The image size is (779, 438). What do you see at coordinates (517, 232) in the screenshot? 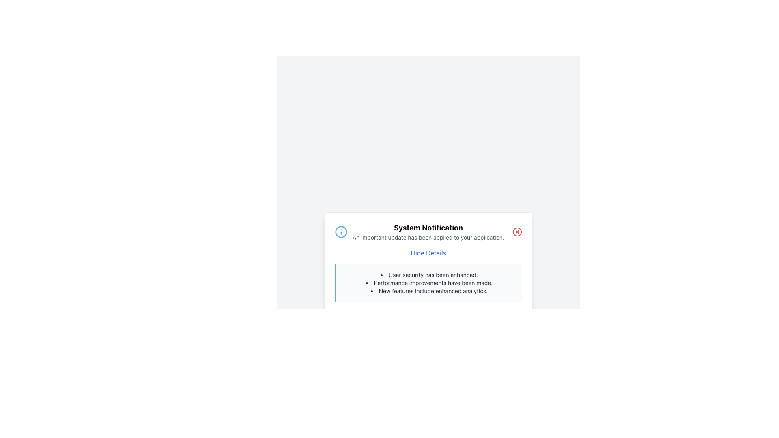
I see `the SVG Circle element that is part of the close button at the top-right corner of the notification card` at bounding box center [517, 232].